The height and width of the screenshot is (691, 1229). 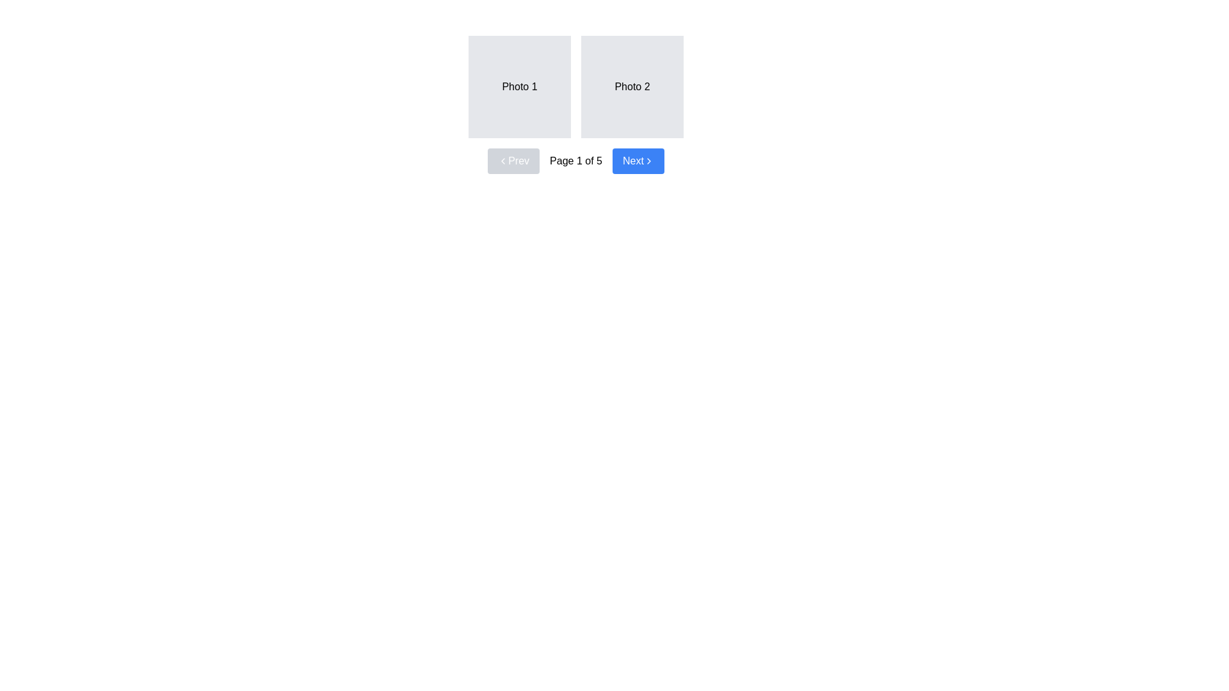 What do you see at coordinates (575, 160) in the screenshot?
I see `the text label displaying 'Page 1 of 5' which indicates the current page number in the pagination control section, located between the 'Prev' and 'Next' buttons` at bounding box center [575, 160].